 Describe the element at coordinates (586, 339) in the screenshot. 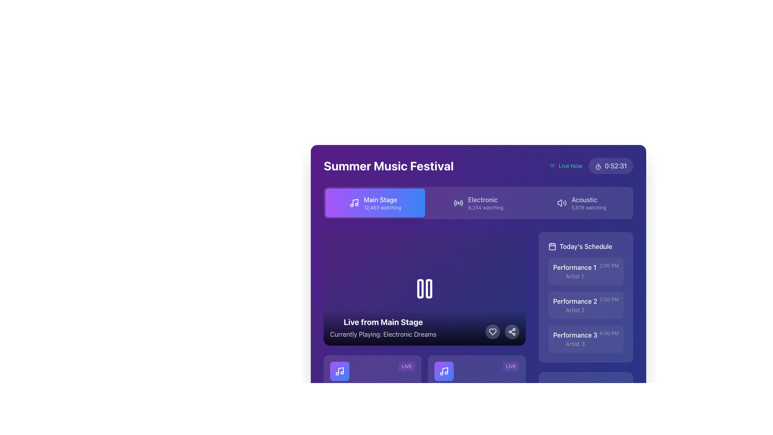

I see `the textual list item titled 'Performance 3', which includes the subtitle 'Artist 3' and the time '4:00 PM', located in the 'Today's Schedule' section` at that location.